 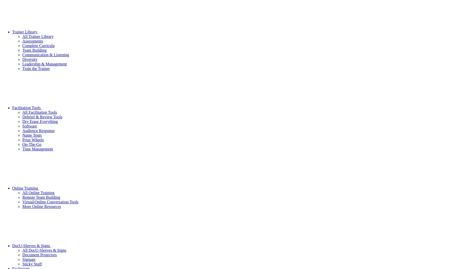 What do you see at coordinates (42, 117) in the screenshot?
I see `'Debrief & Review Tools'` at bounding box center [42, 117].